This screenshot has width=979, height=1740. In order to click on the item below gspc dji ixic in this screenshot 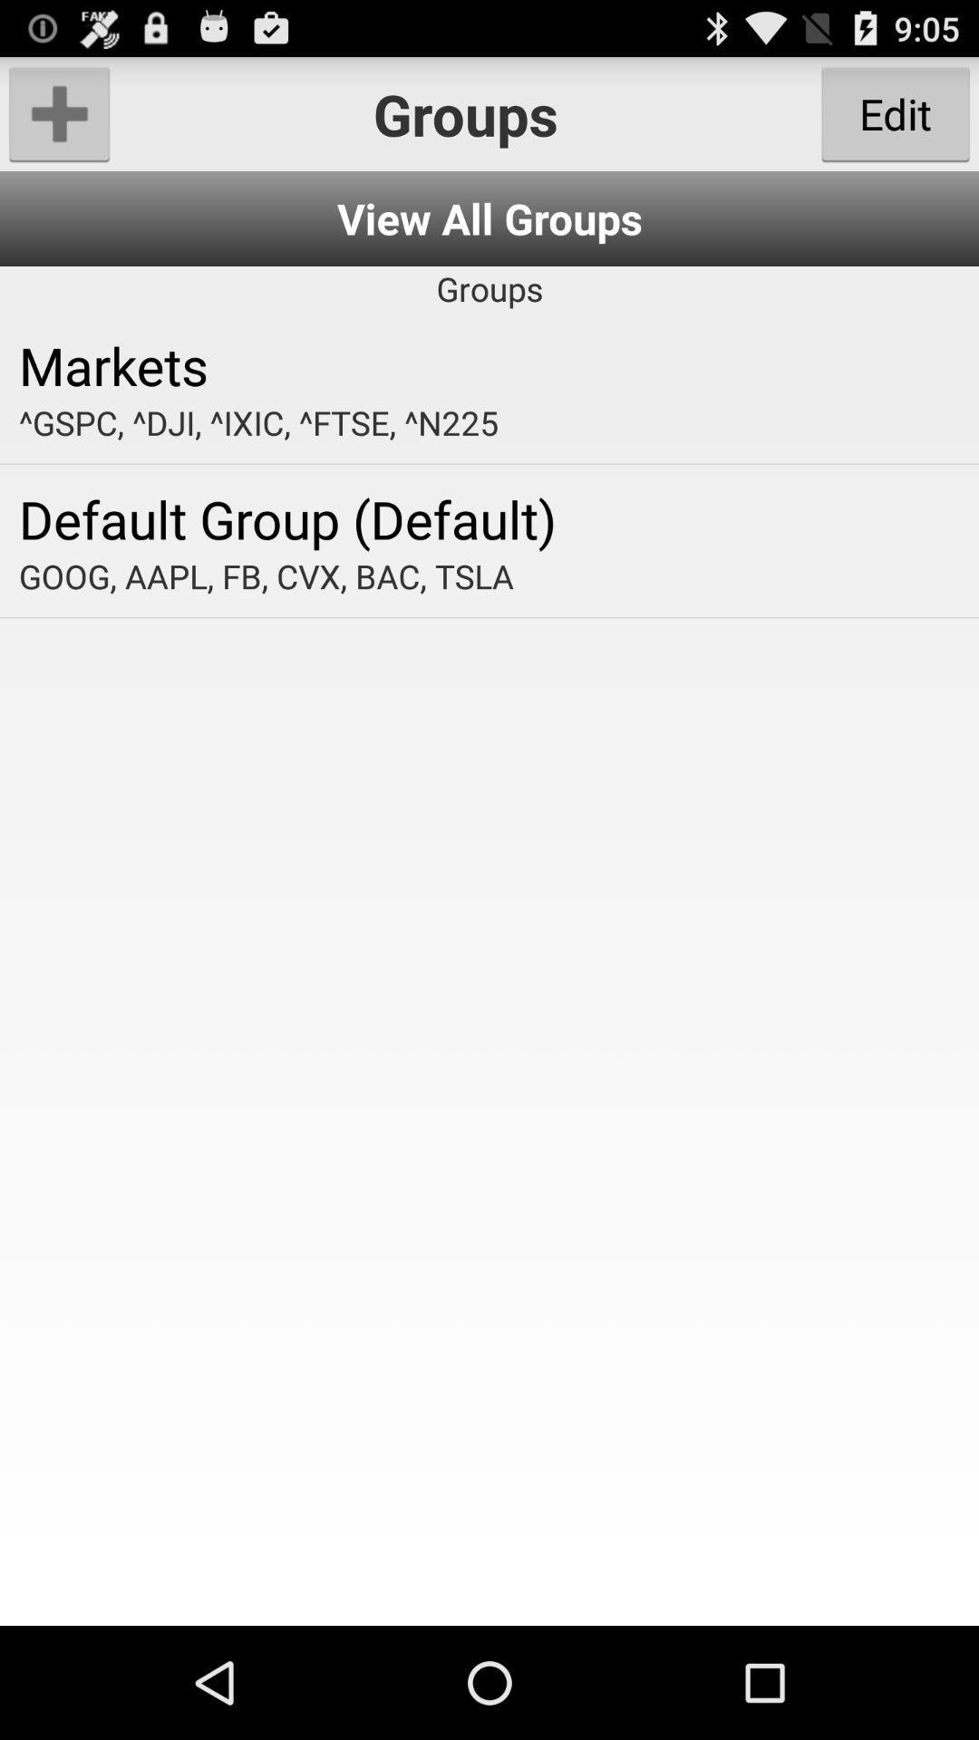, I will do `click(489, 517)`.